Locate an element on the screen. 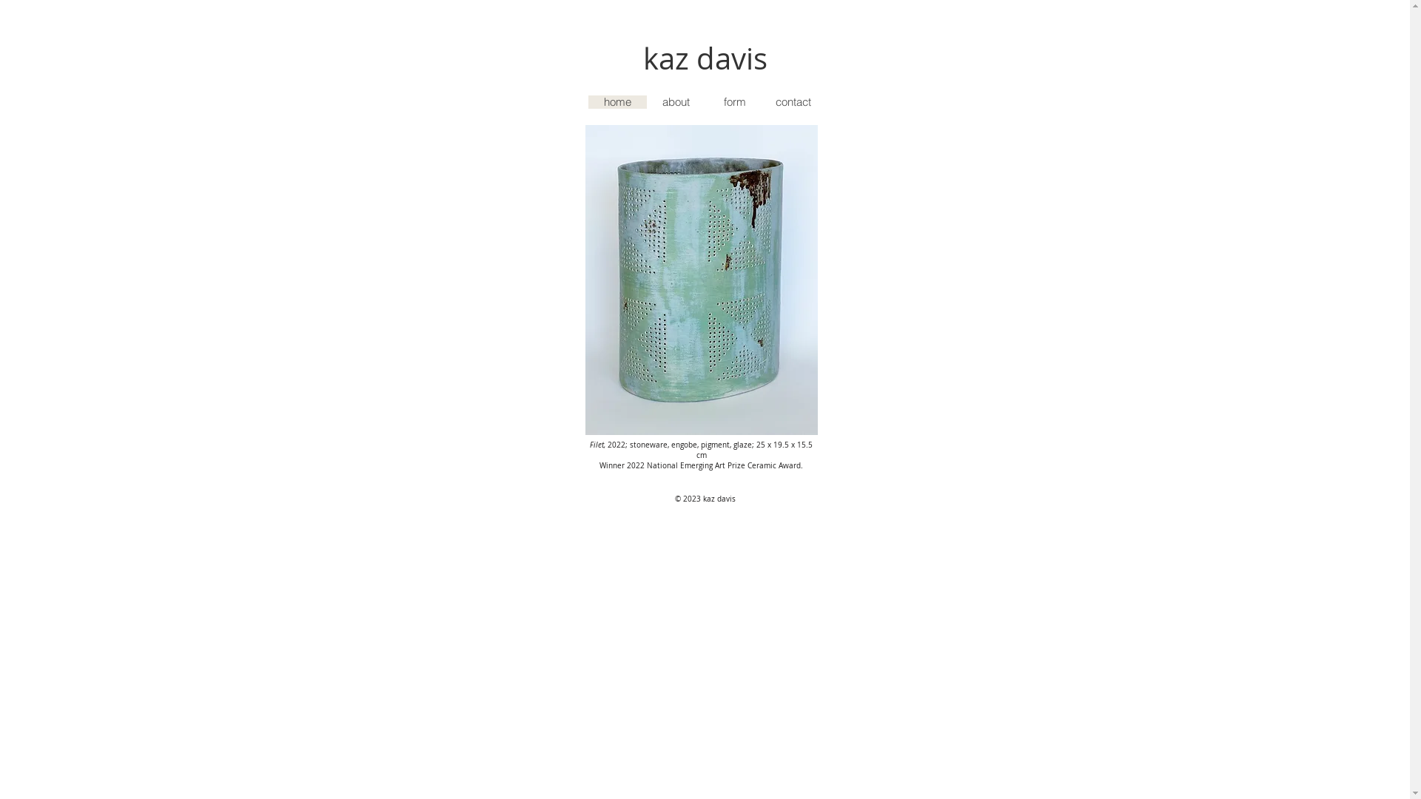  'contact' is located at coordinates (764, 101).